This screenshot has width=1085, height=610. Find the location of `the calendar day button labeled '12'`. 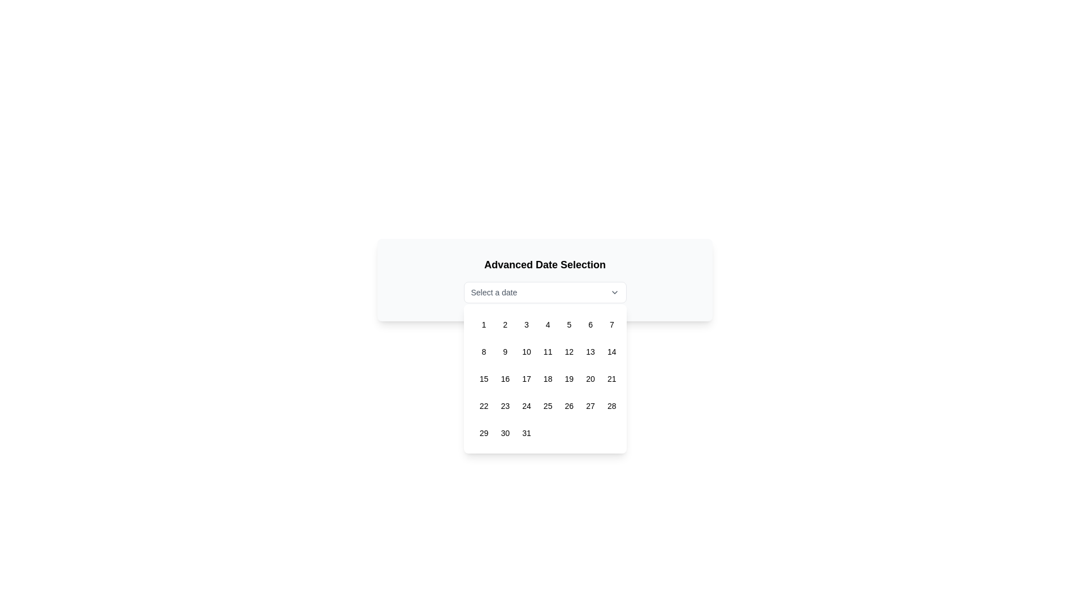

the calendar day button labeled '12' is located at coordinates (569, 351).